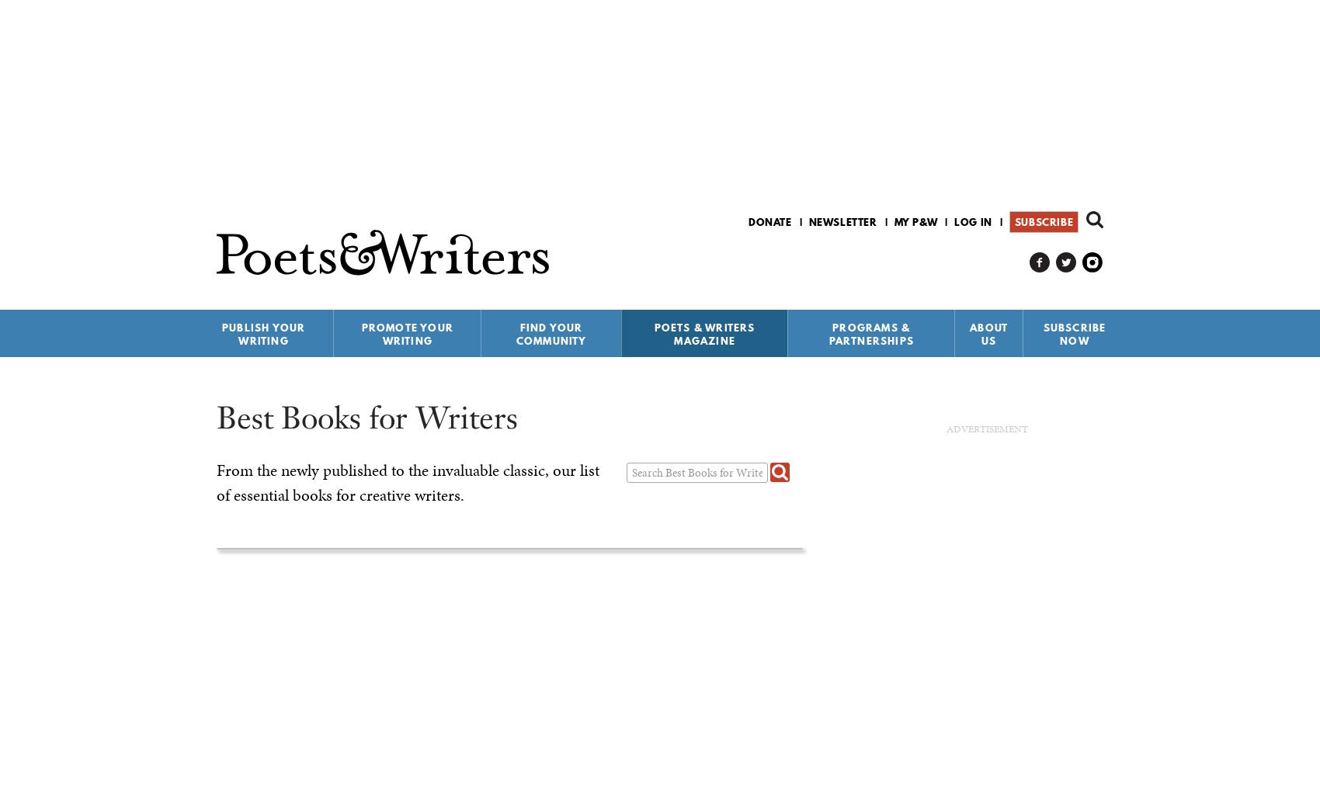 The width and height of the screenshot is (1320, 805). I want to click on 'Publish Your Writing', so click(262, 333).